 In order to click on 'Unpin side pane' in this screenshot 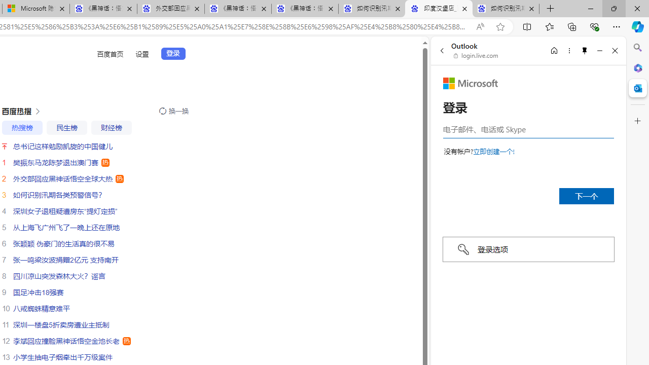, I will do `click(585, 50)`.